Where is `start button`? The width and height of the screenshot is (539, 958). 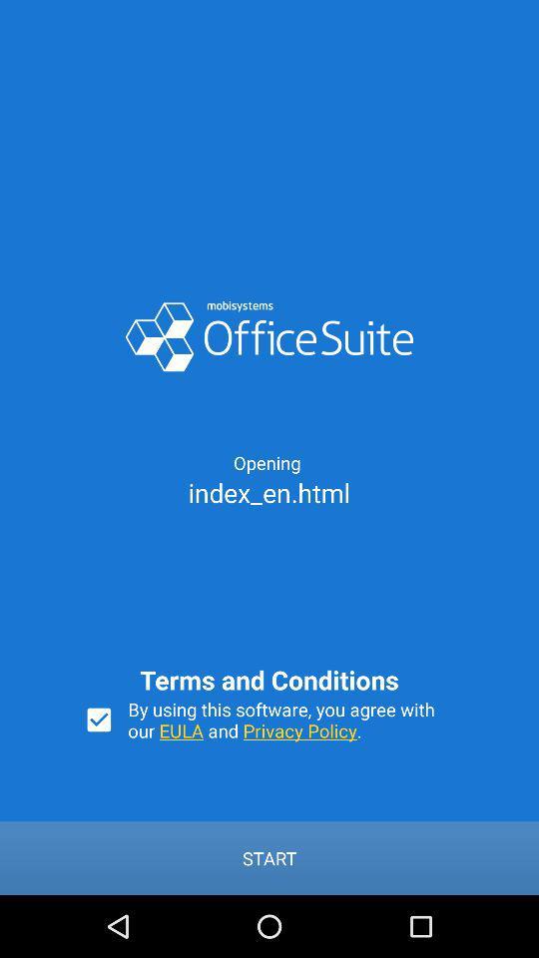 start button is located at coordinates (269, 857).